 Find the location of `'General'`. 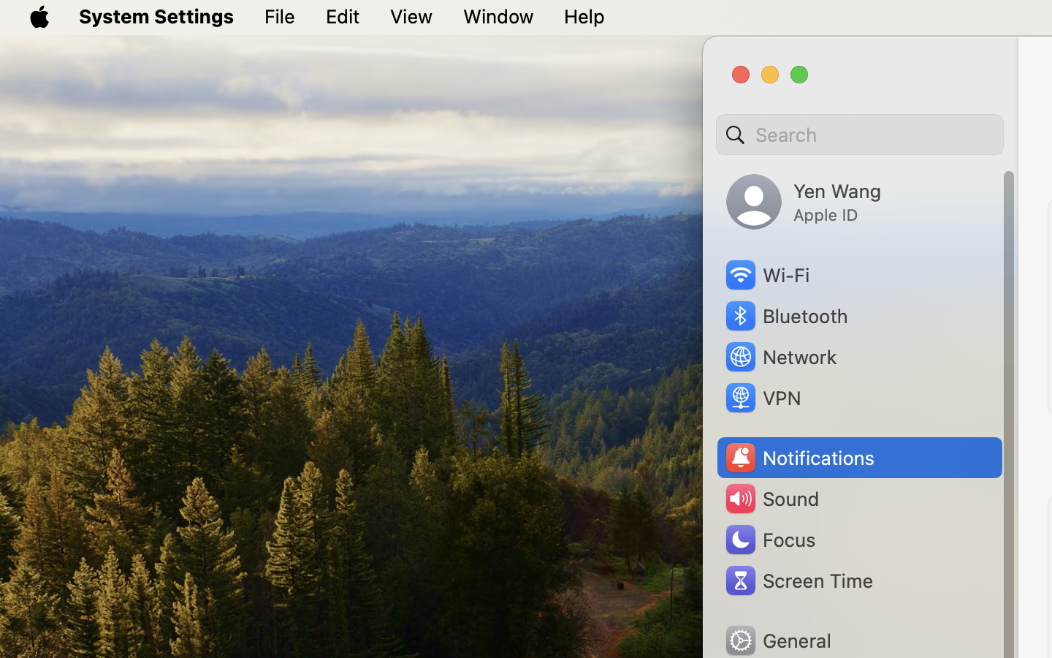

'General' is located at coordinates (777, 640).